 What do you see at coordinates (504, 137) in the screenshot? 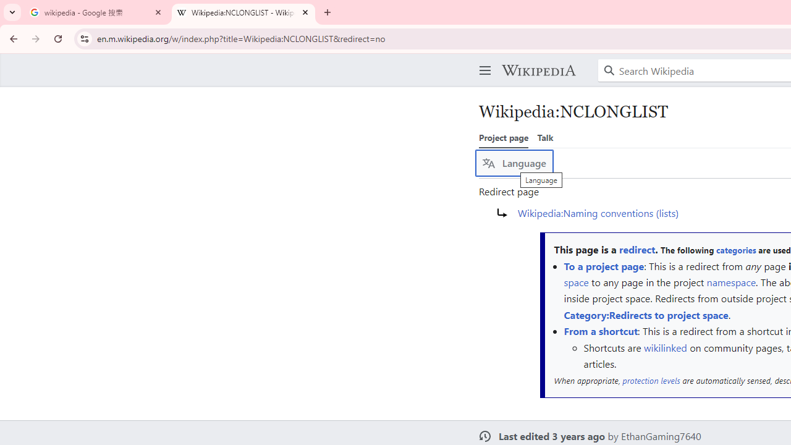
I see `'Project page'` at bounding box center [504, 137].